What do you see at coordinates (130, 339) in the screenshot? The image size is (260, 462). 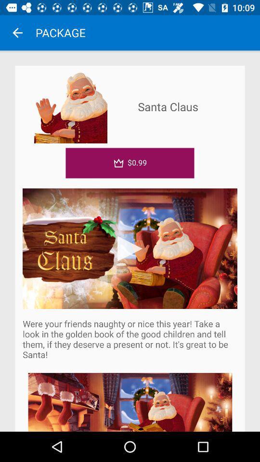 I see `the were your friends icon` at bounding box center [130, 339].